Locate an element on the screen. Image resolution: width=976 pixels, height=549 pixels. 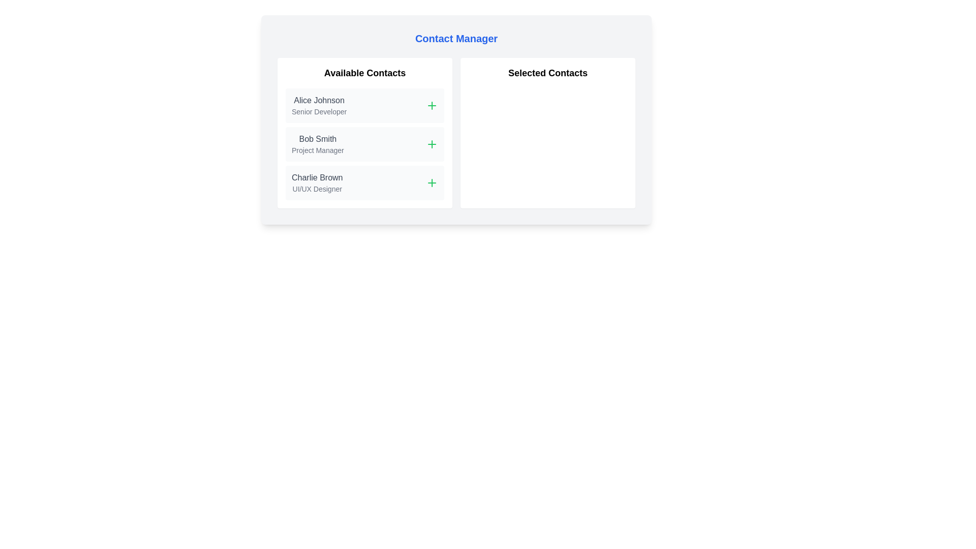
the first plus icon located to the far right of 'Alice Johnson' in the 'Available Contacts' section is located at coordinates (432, 106).